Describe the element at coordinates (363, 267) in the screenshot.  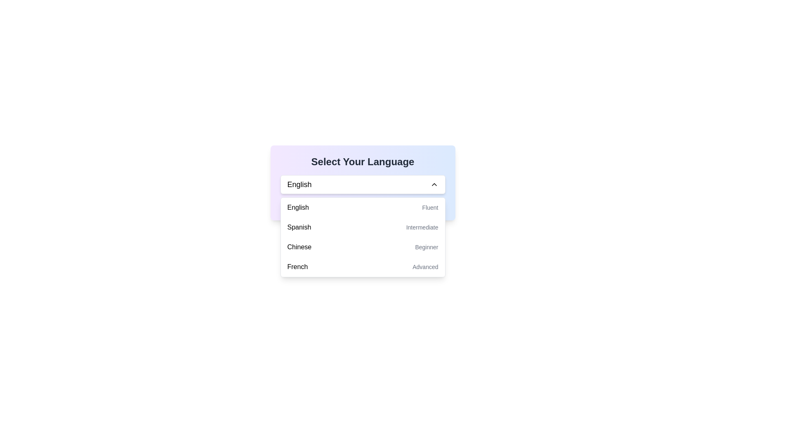
I see `the fourth item in the dropdown menu labeled 'French Advanced'` at that location.